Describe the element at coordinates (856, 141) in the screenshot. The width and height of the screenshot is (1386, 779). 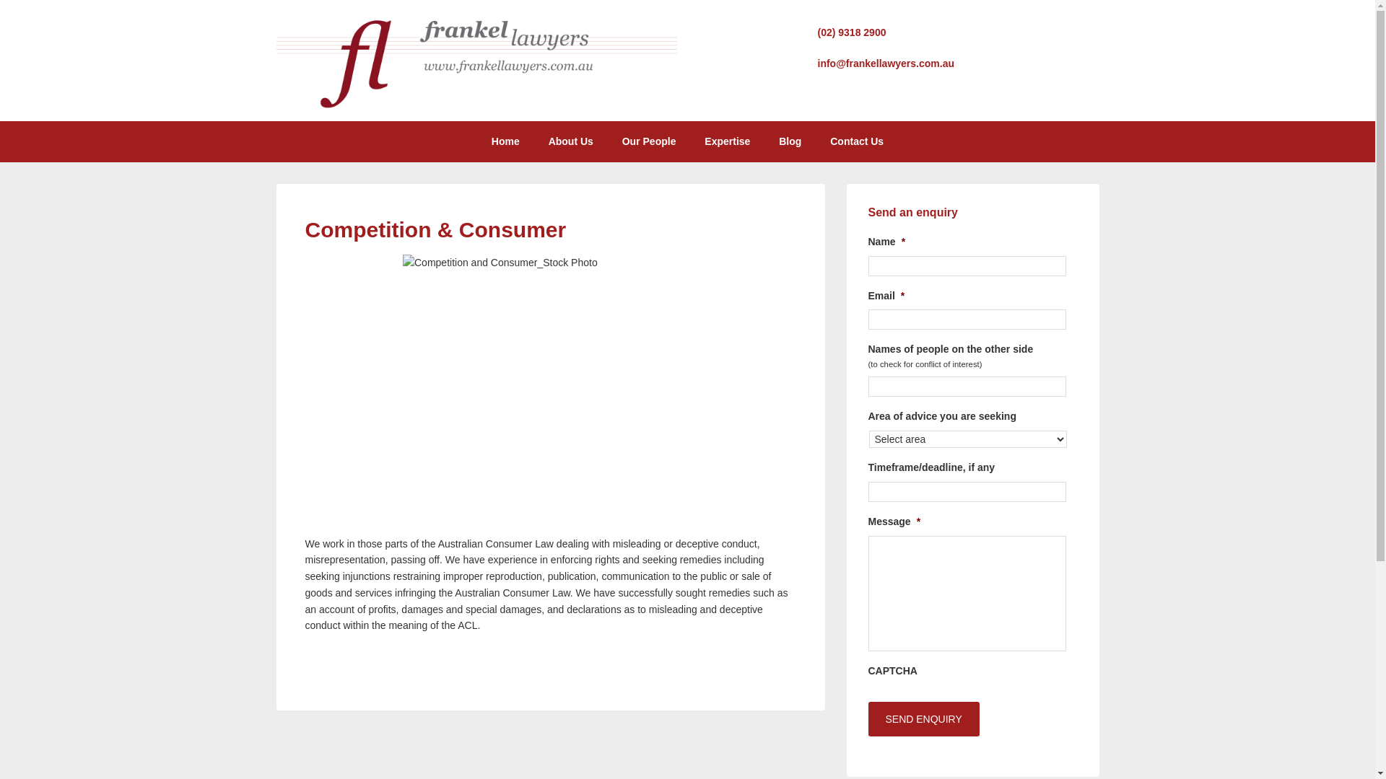
I see `'Contact Us'` at that location.